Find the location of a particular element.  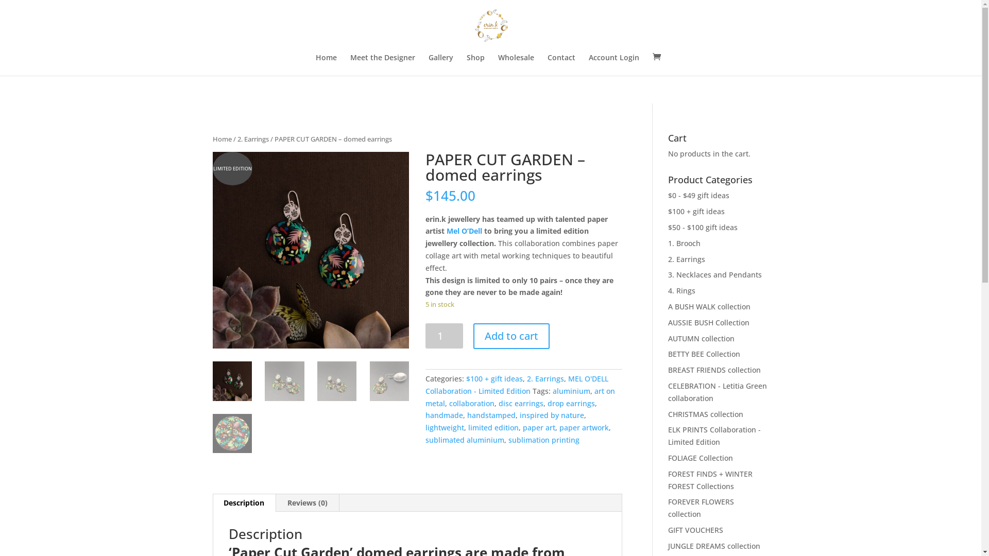

'FOREVER FLOWERS collection' is located at coordinates (701, 507).